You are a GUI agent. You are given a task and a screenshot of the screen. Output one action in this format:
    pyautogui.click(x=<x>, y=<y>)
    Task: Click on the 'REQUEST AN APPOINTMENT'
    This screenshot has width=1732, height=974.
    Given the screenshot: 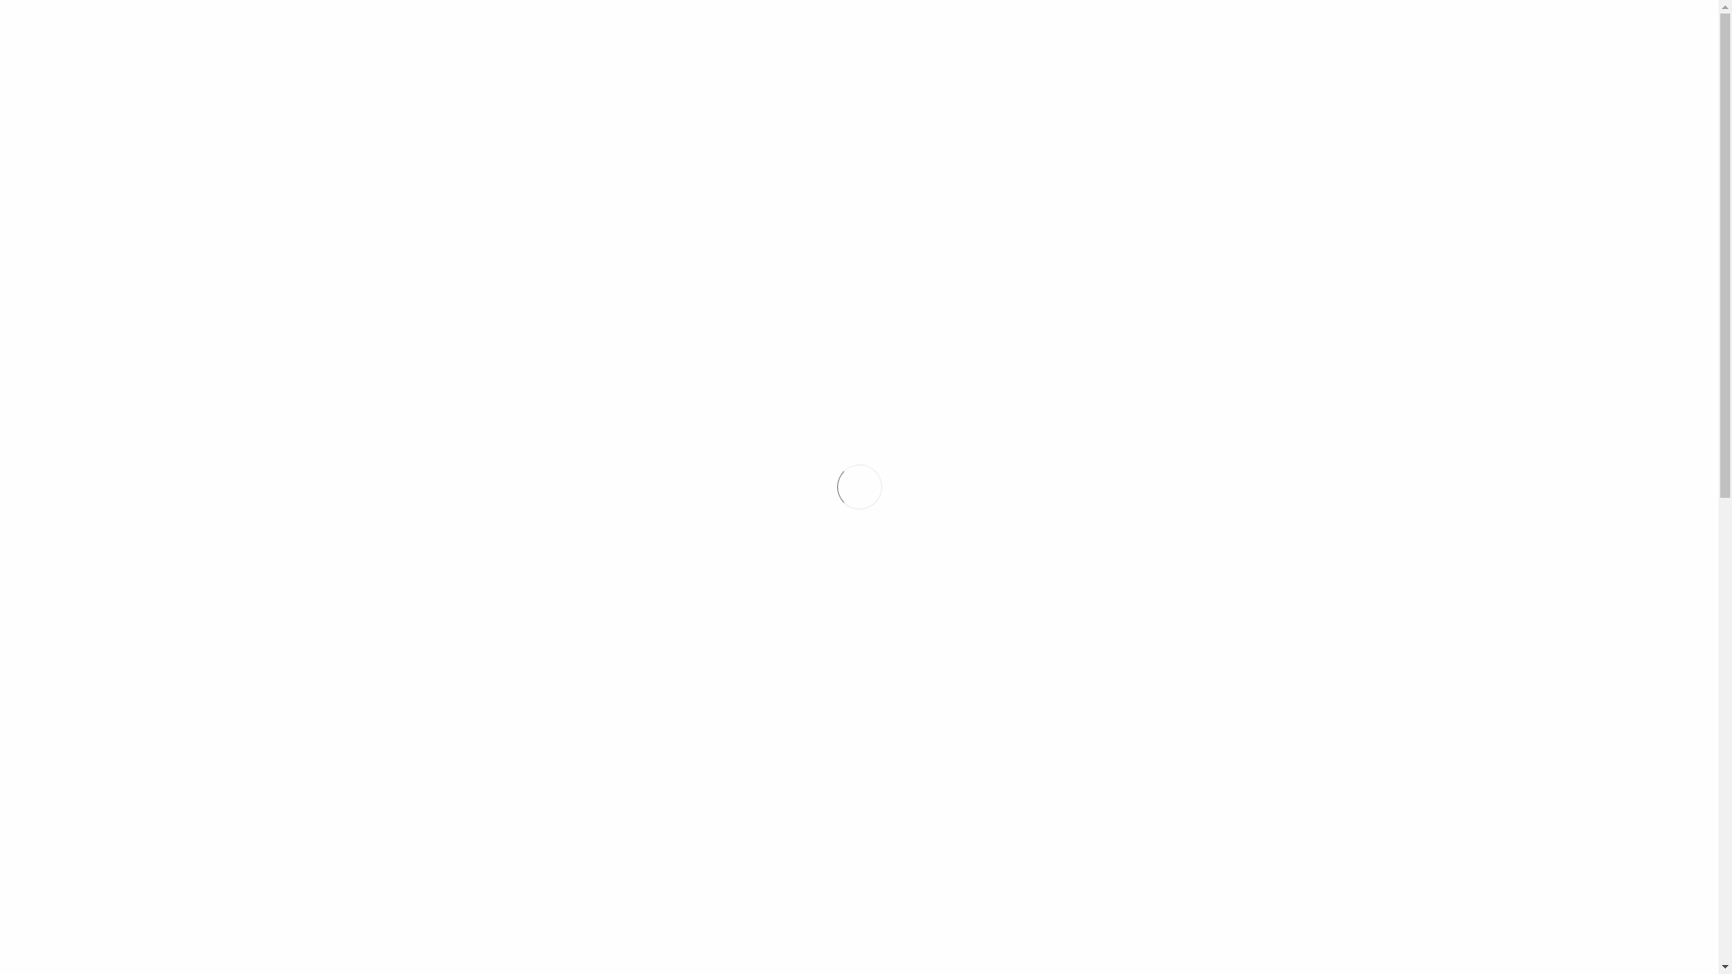 What is the action you would take?
    pyautogui.click(x=1346, y=55)
    